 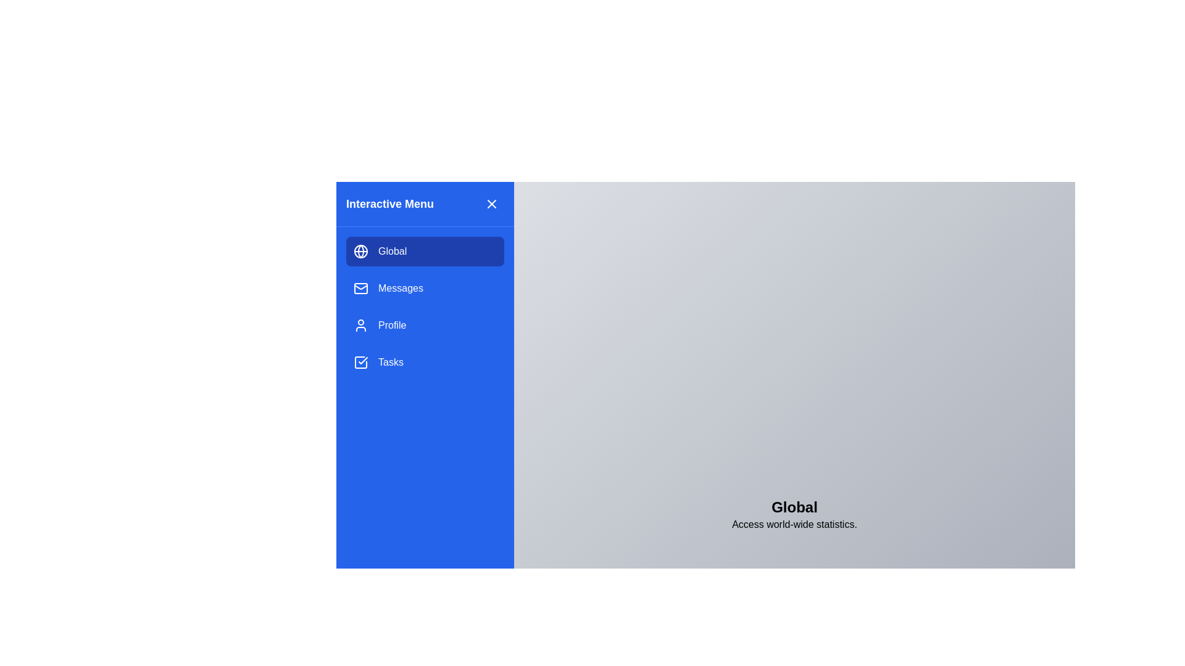 What do you see at coordinates (360, 325) in the screenshot?
I see `the user icon, which is a minimalist silhouette shaped like a person, located within the blue background of the 'Profile' section` at bounding box center [360, 325].